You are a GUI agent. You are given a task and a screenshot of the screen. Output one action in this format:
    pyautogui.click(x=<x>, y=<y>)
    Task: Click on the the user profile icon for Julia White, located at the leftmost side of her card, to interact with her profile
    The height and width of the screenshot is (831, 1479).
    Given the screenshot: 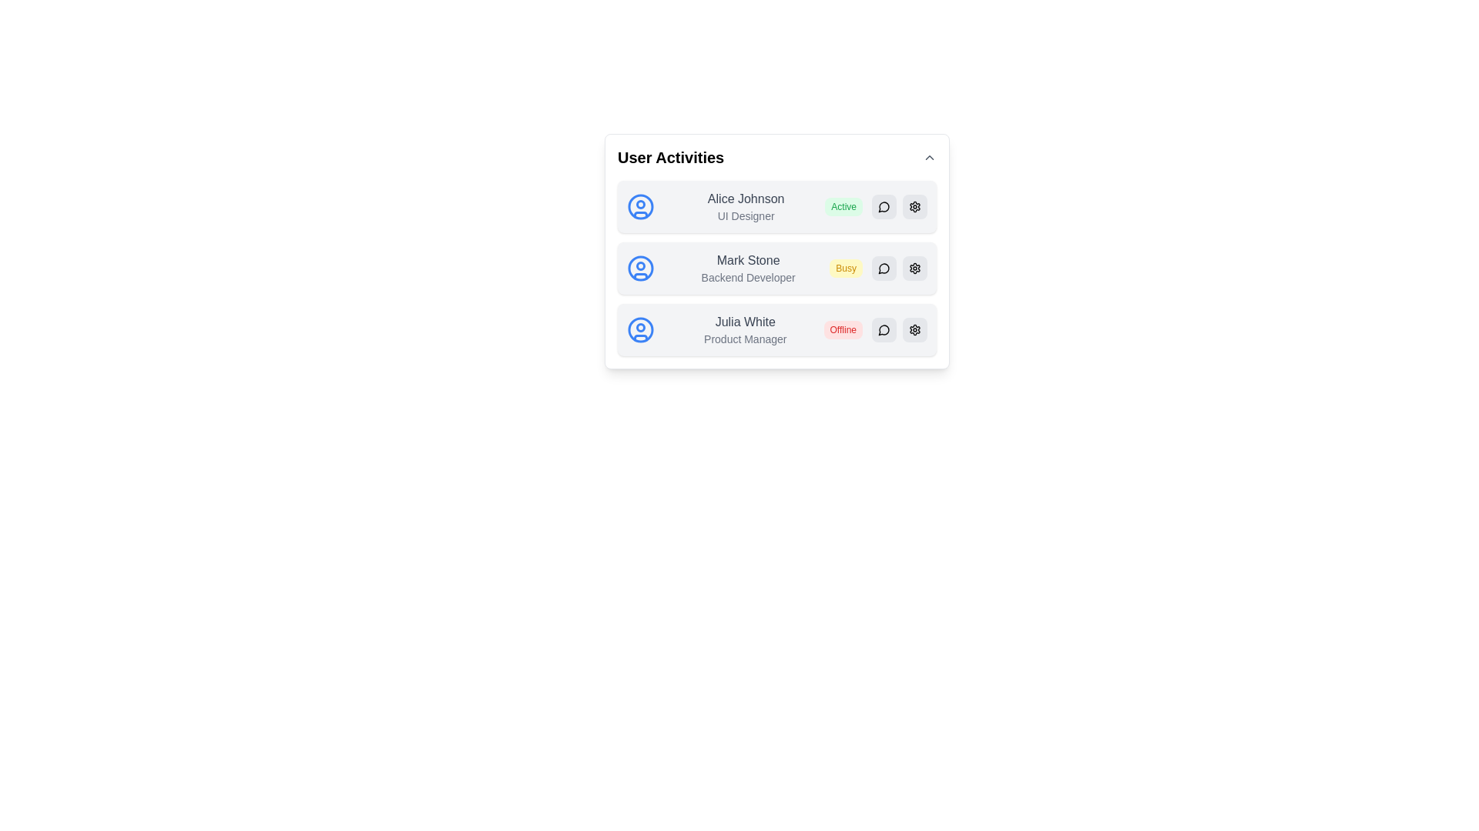 What is the action you would take?
    pyautogui.click(x=640, y=329)
    